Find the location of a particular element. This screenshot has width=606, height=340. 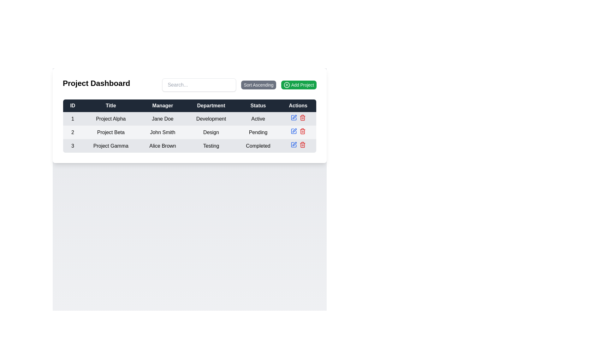

the first column header of the table, which indicates unique identifiers for table rows, positioned to the far-left of the header row is located at coordinates (73, 105).